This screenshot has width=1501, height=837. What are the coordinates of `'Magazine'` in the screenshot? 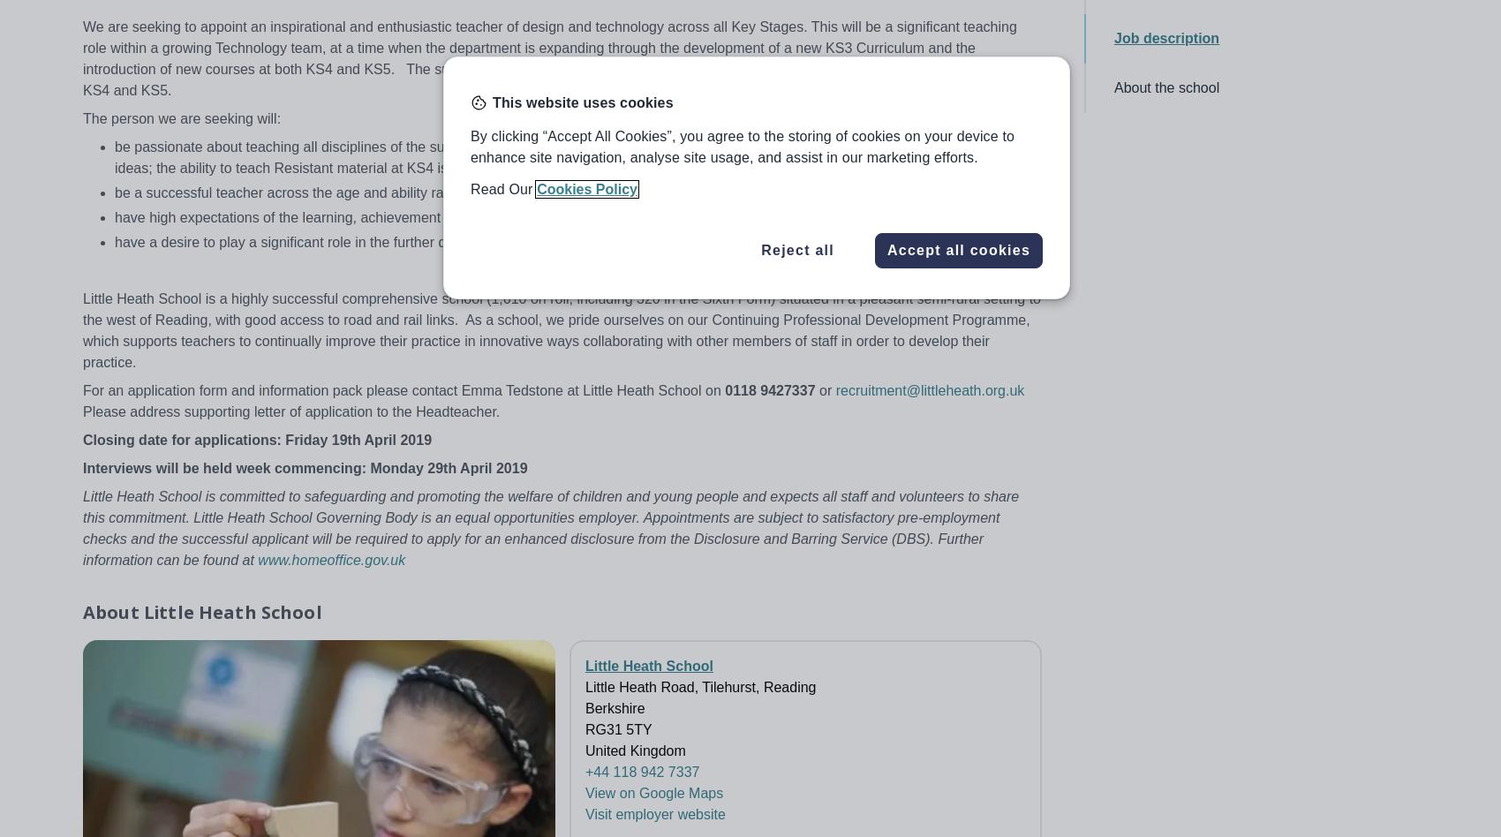 It's located at (1271, 583).